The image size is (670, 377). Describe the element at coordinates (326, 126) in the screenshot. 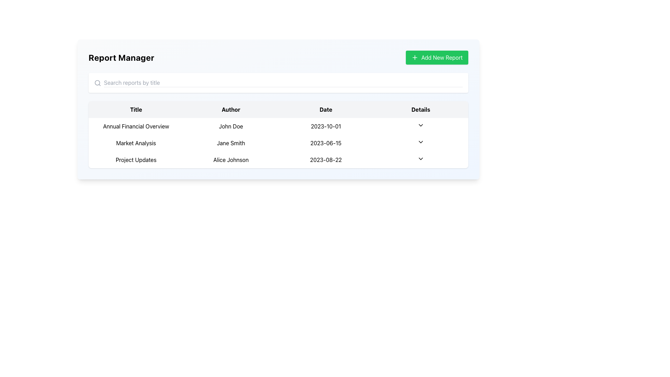

I see `the static text displaying the date` at that location.